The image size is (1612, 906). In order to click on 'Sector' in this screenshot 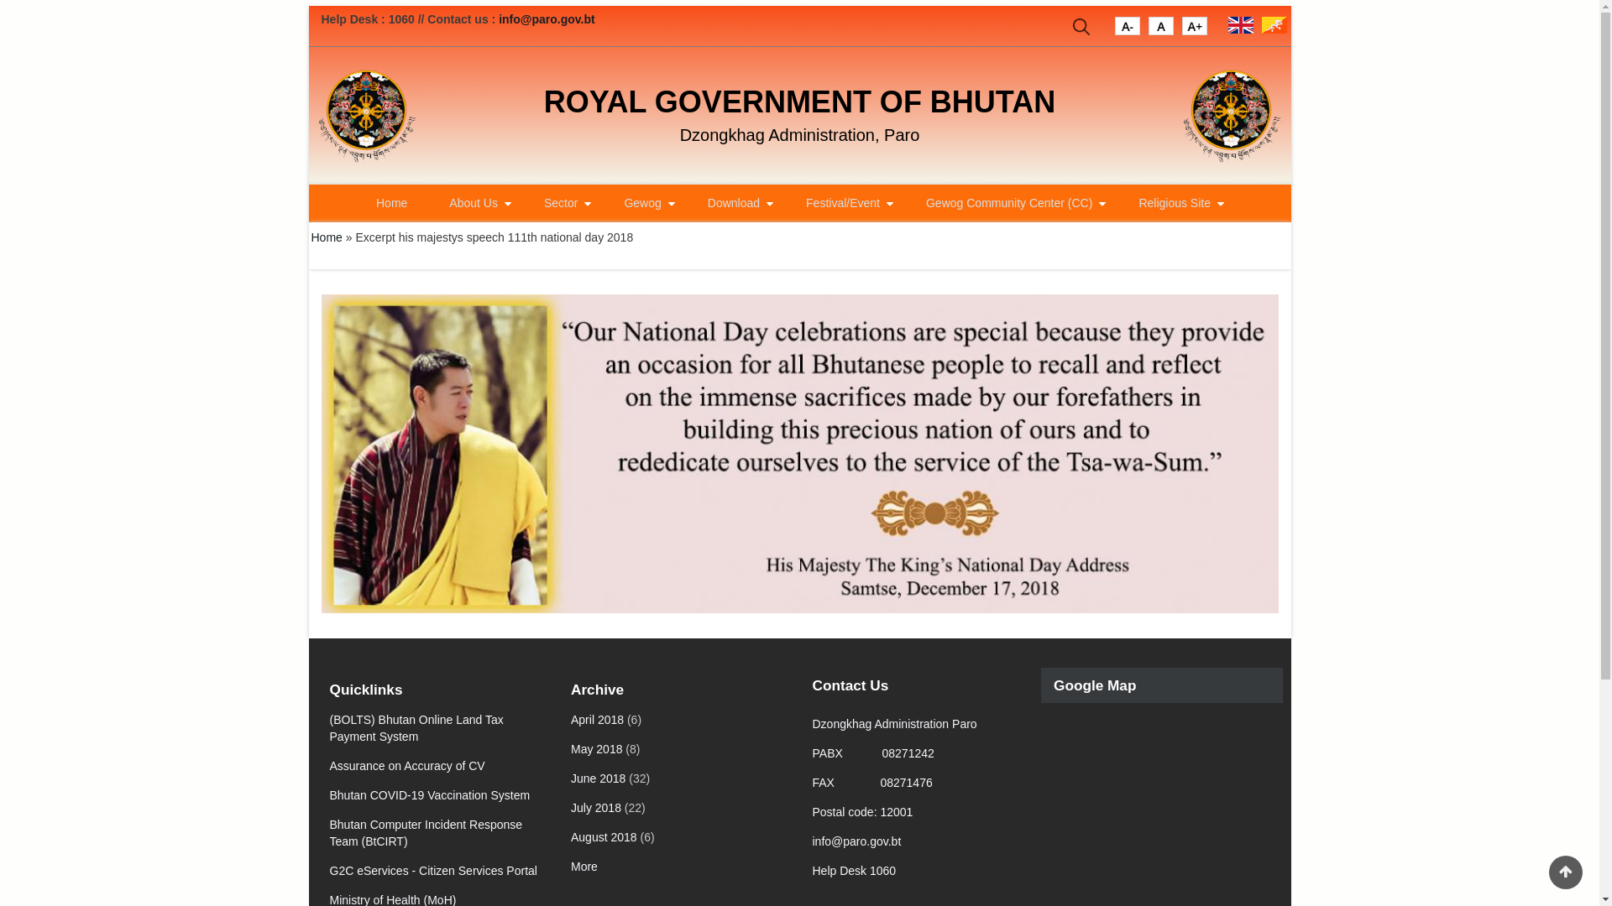, I will do `click(526, 202)`.